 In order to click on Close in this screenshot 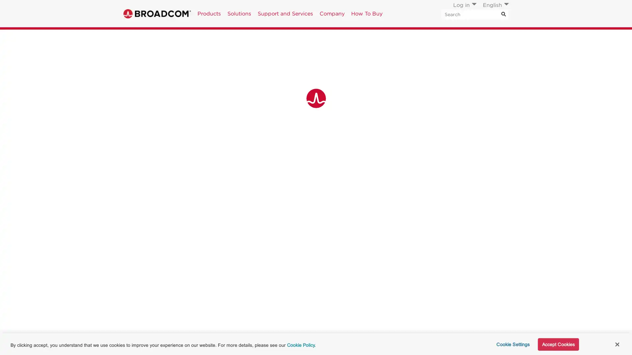, I will do `click(617, 343)`.